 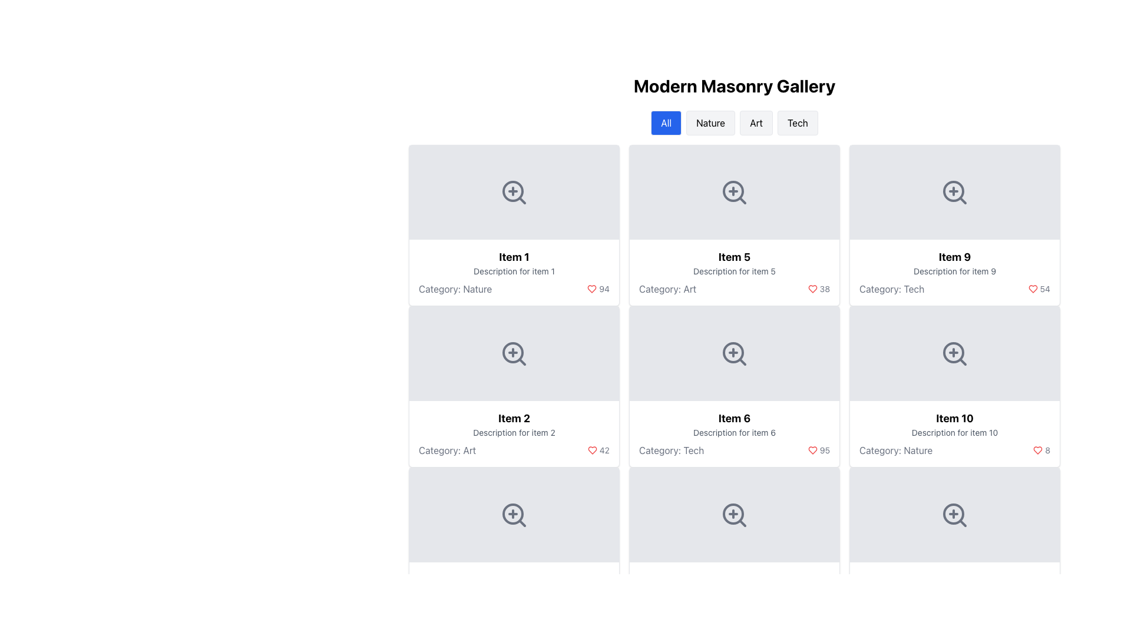 What do you see at coordinates (514, 353) in the screenshot?
I see `the zoom-in icon button located in the second row, first column of the grid under 'Modern Masonry Gallery', positioned above 'Item 2'` at bounding box center [514, 353].